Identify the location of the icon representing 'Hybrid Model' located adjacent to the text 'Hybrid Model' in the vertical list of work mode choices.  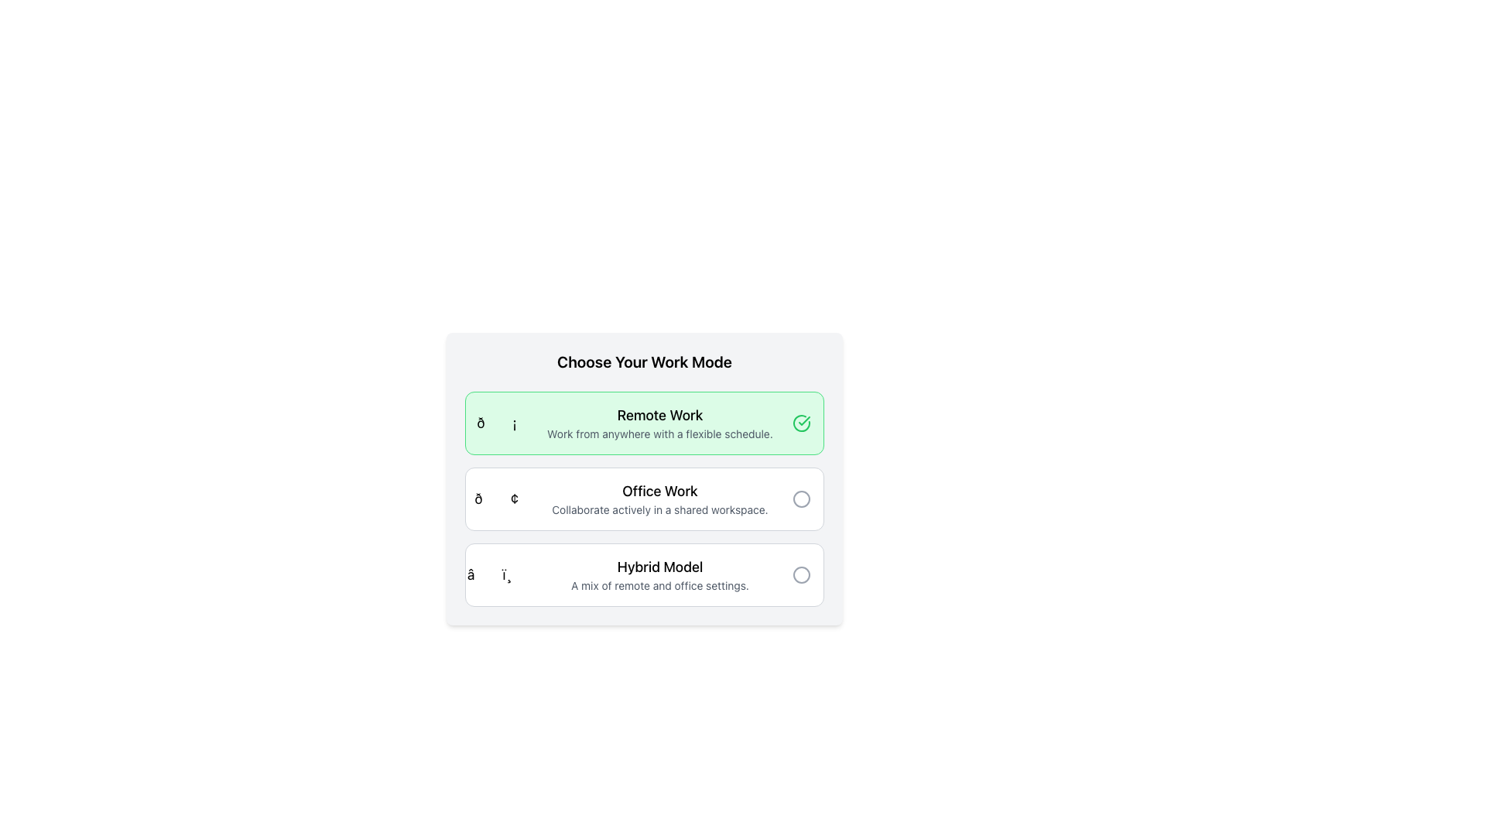
(497, 575).